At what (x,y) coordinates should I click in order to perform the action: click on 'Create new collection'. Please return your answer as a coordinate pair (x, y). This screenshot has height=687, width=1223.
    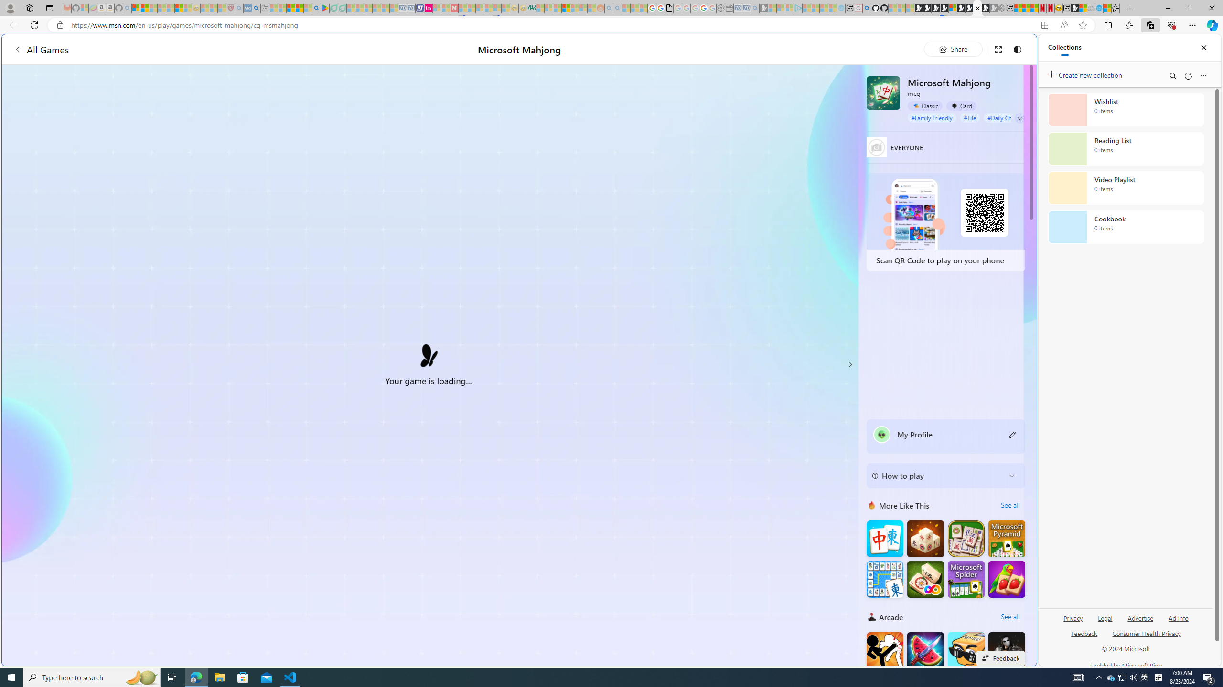
    Looking at the image, I should click on (1086, 73).